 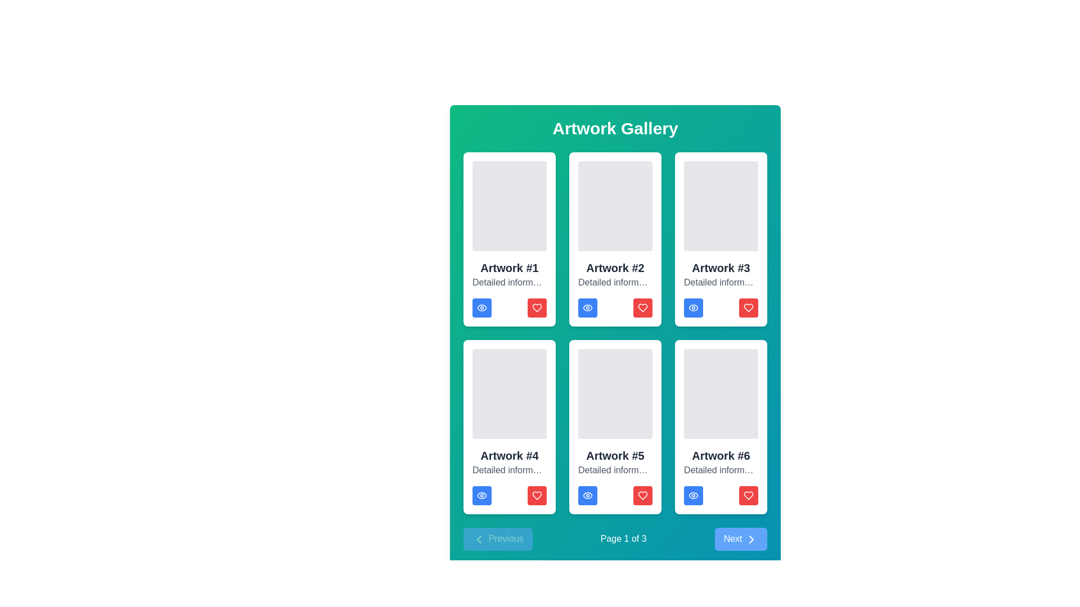 I want to click on the red rounded button with a white heart icon located in the bottom-right corner of the card labeled 'Artwork #5' to invoke the action, so click(x=642, y=495).